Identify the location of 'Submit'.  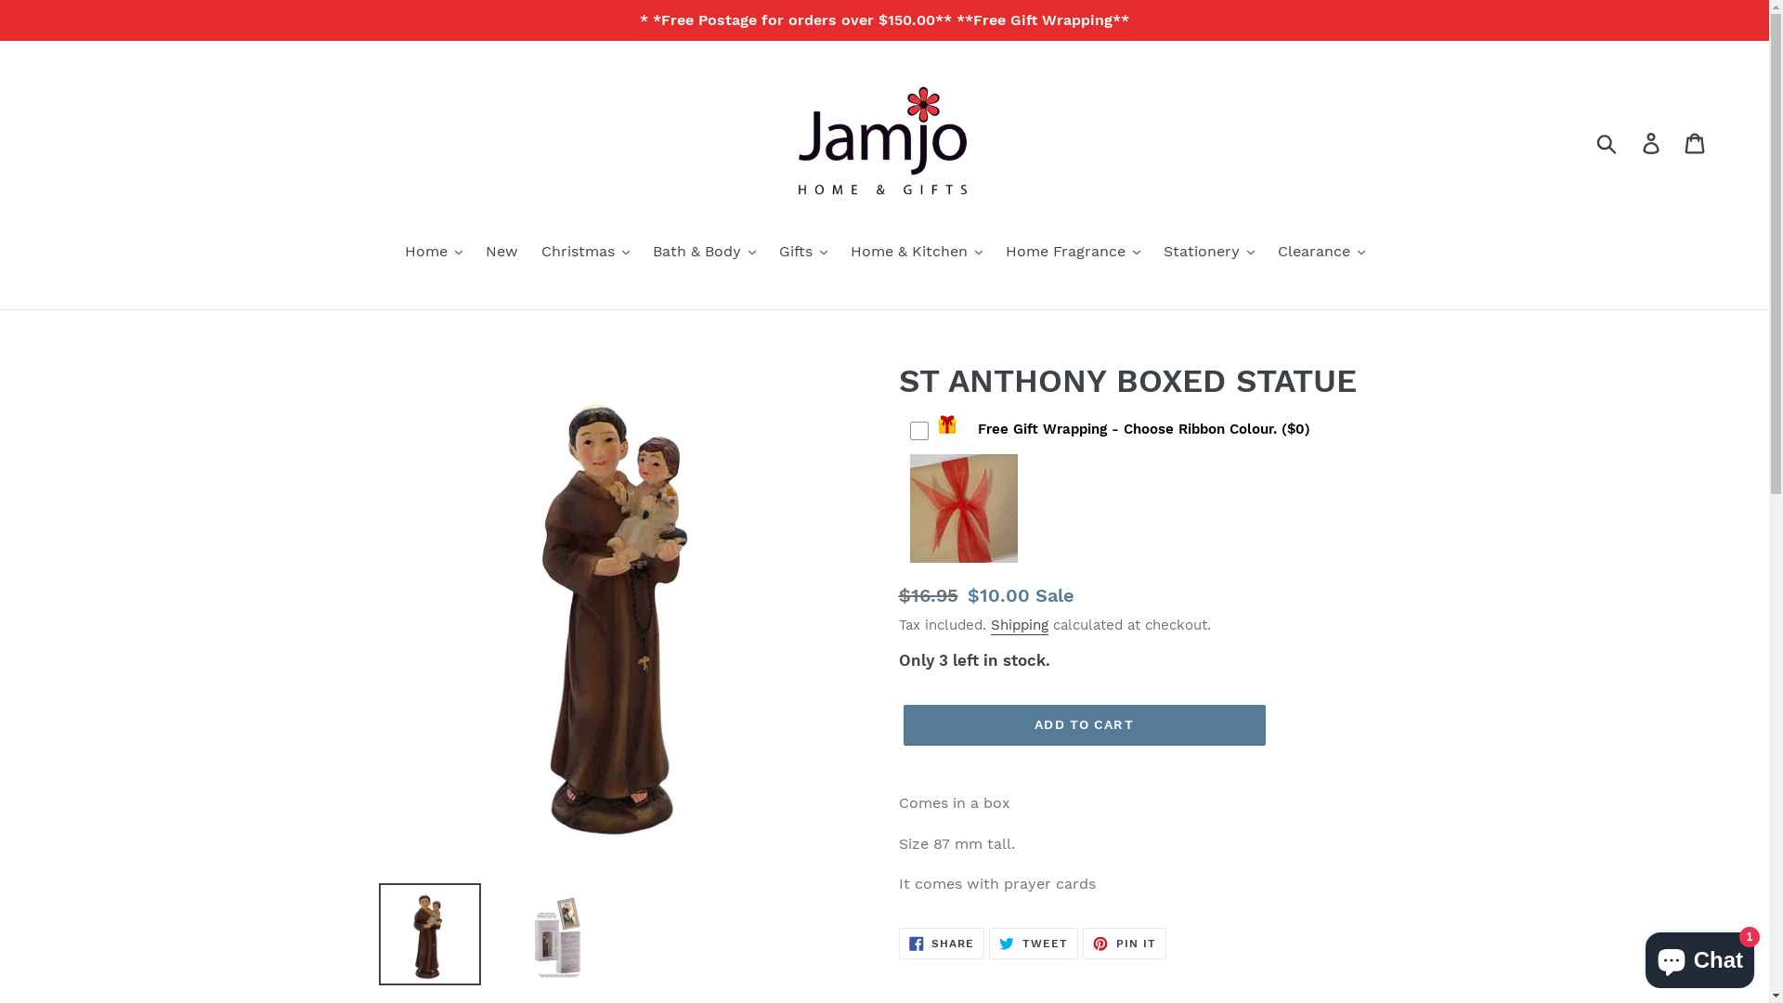
(1607, 142).